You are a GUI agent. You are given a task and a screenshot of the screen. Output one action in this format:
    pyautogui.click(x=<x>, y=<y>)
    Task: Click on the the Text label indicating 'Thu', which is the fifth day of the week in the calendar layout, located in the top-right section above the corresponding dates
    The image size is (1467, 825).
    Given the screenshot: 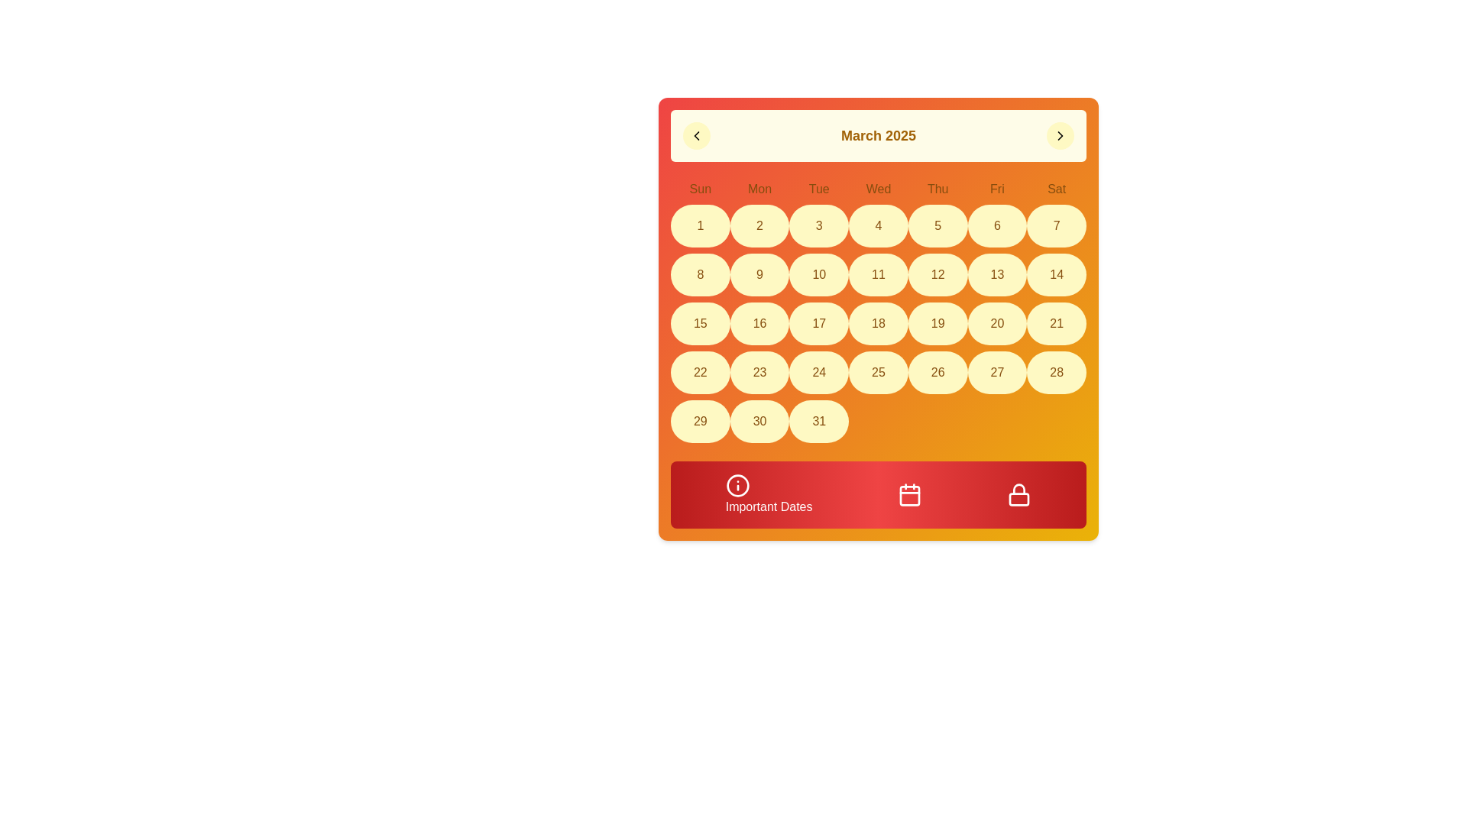 What is the action you would take?
    pyautogui.click(x=937, y=188)
    